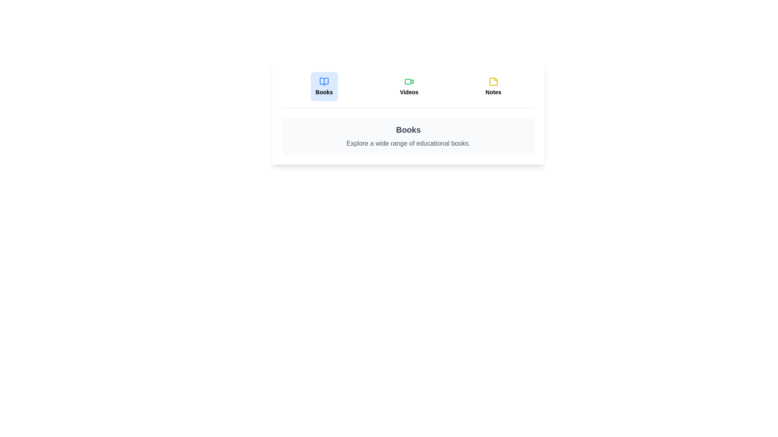 The image size is (778, 437). I want to click on the 'Notes' tab to view its content, so click(493, 86).